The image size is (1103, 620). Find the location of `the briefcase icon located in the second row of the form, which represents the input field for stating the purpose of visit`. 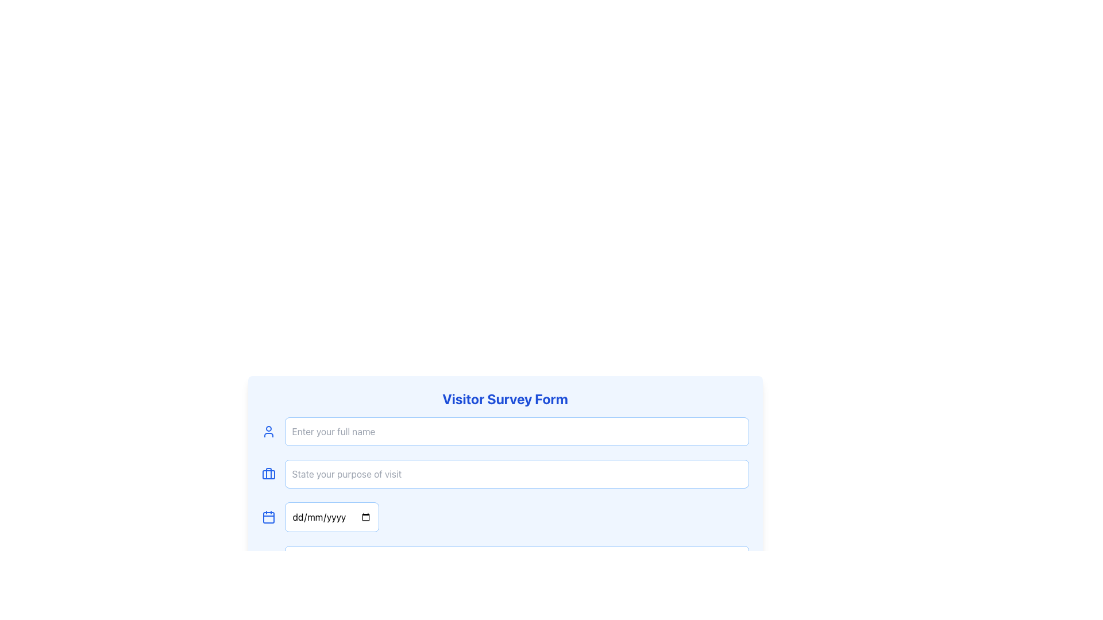

the briefcase icon located in the second row of the form, which represents the input field for stating the purpose of visit is located at coordinates (268, 474).